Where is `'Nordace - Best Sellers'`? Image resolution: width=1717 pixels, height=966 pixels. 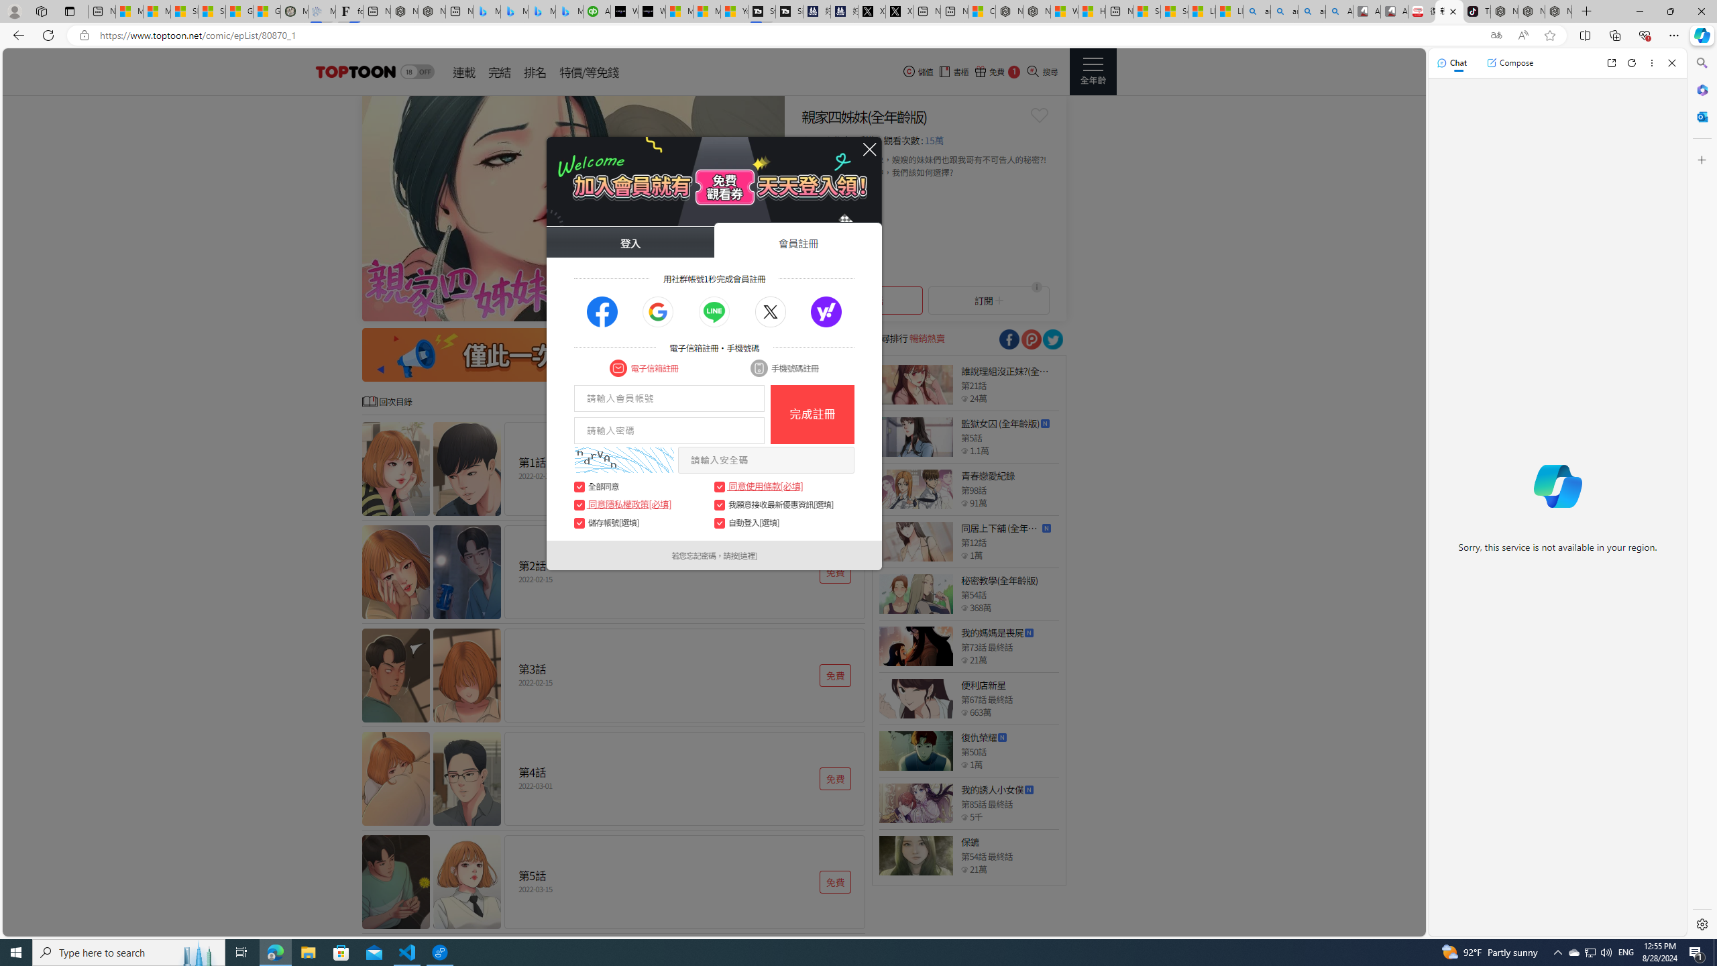 'Nordace - Best Sellers' is located at coordinates (1504, 11).